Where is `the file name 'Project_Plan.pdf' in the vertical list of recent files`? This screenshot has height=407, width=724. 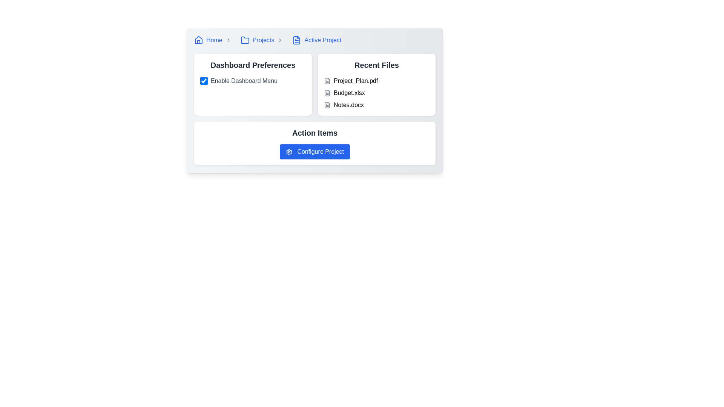 the file name 'Project_Plan.pdf' in the vertical list of recent files is located at coordinates (376, 92).